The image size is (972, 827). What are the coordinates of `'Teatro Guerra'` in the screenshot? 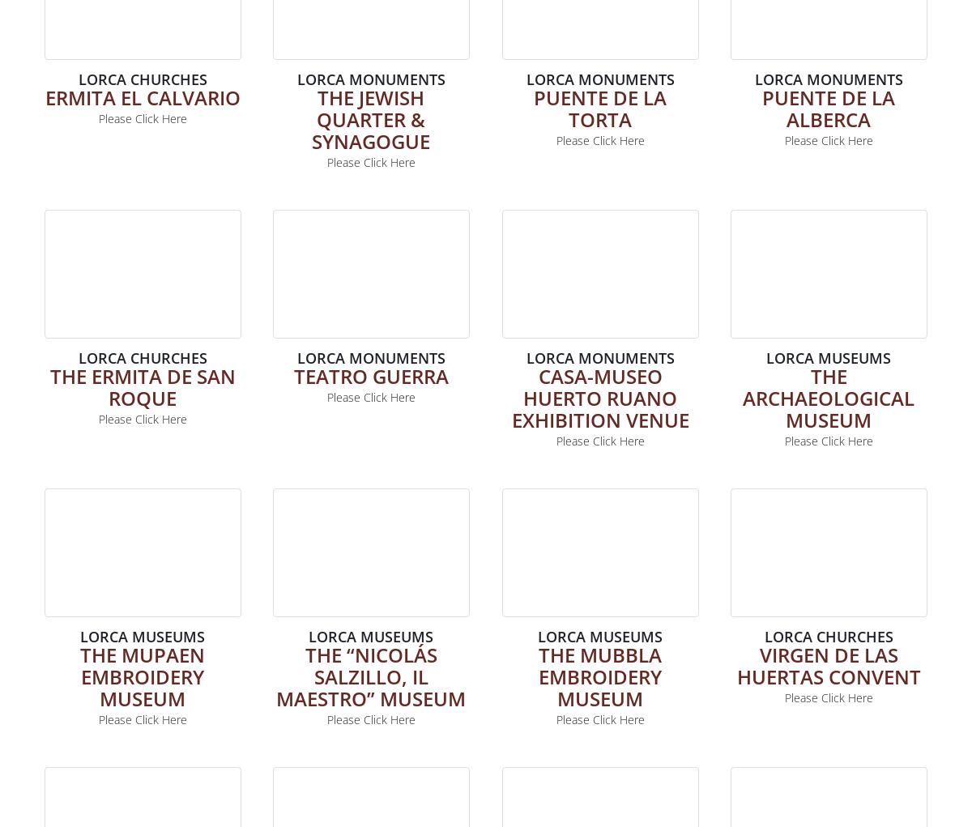 It's located at (369, 375).